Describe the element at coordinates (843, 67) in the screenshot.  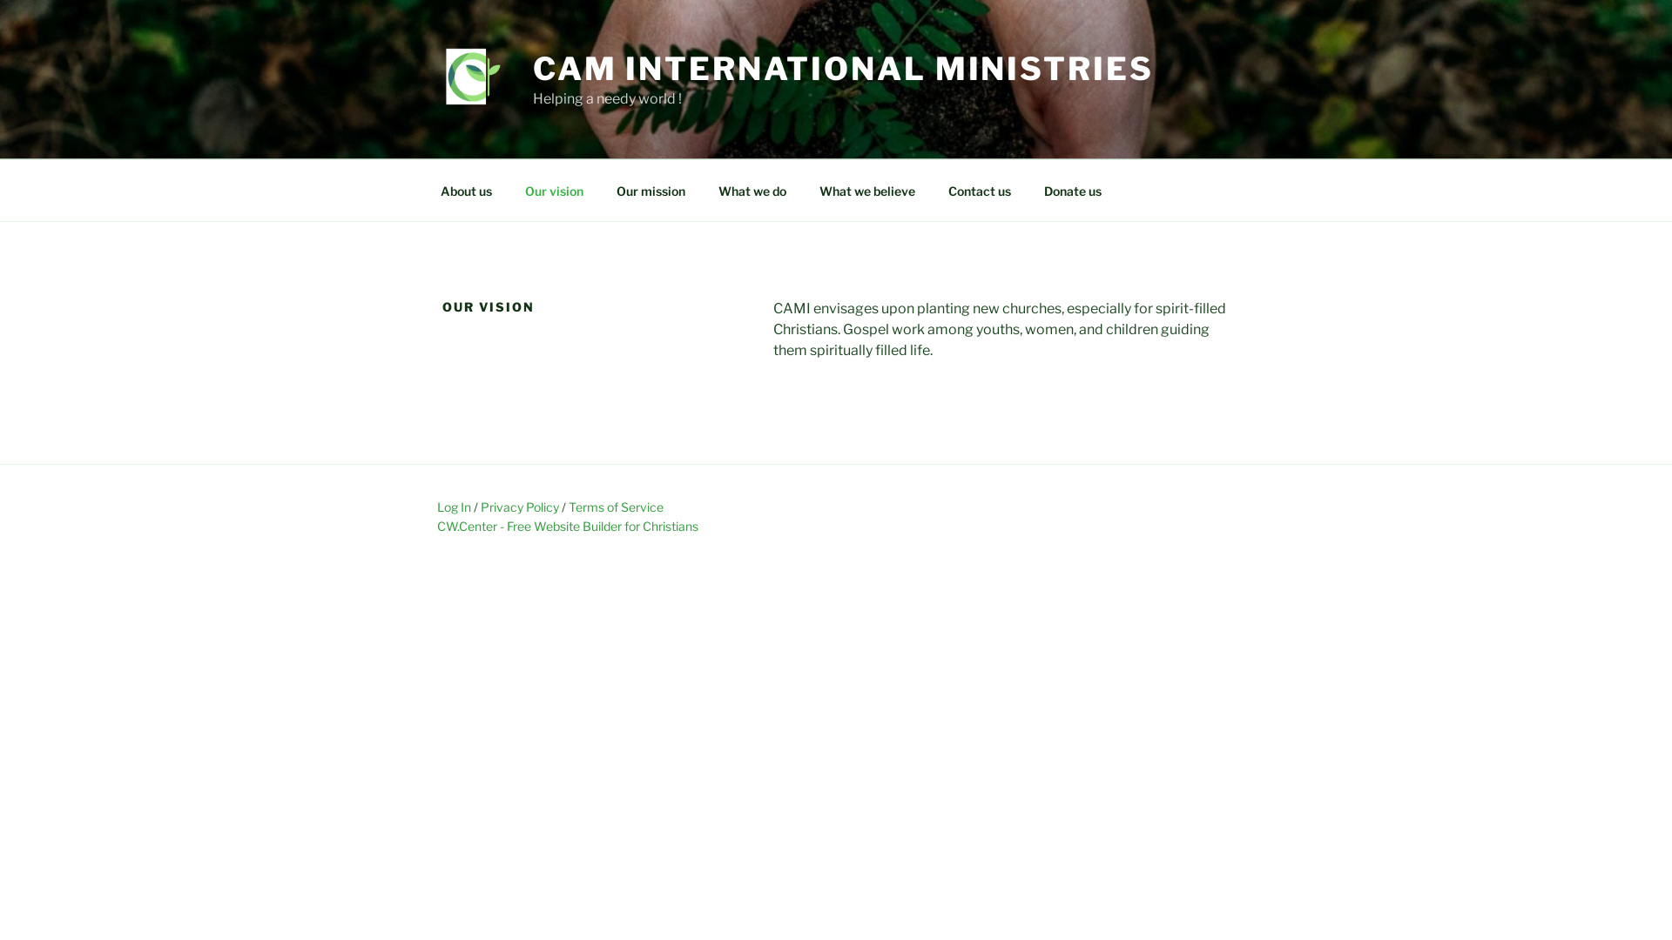
I see `'CAM INTERNATIONAL MINISTRIES'` at that location.